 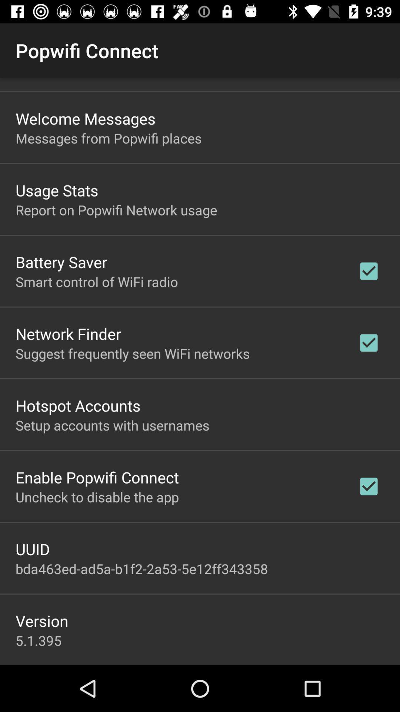 What do you see at coordinates (96, 281) in the screenshot?
I see `the item below battery saver` at bounding box center [96, 281].